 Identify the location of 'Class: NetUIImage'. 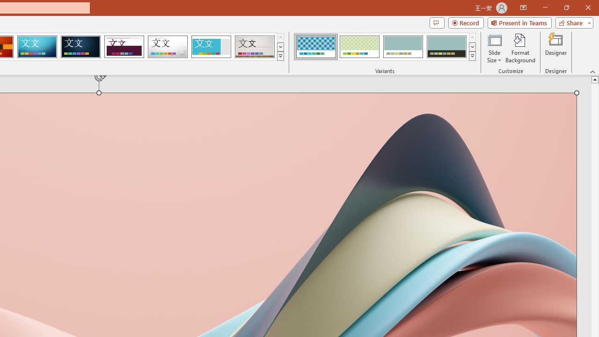
(472, 56).